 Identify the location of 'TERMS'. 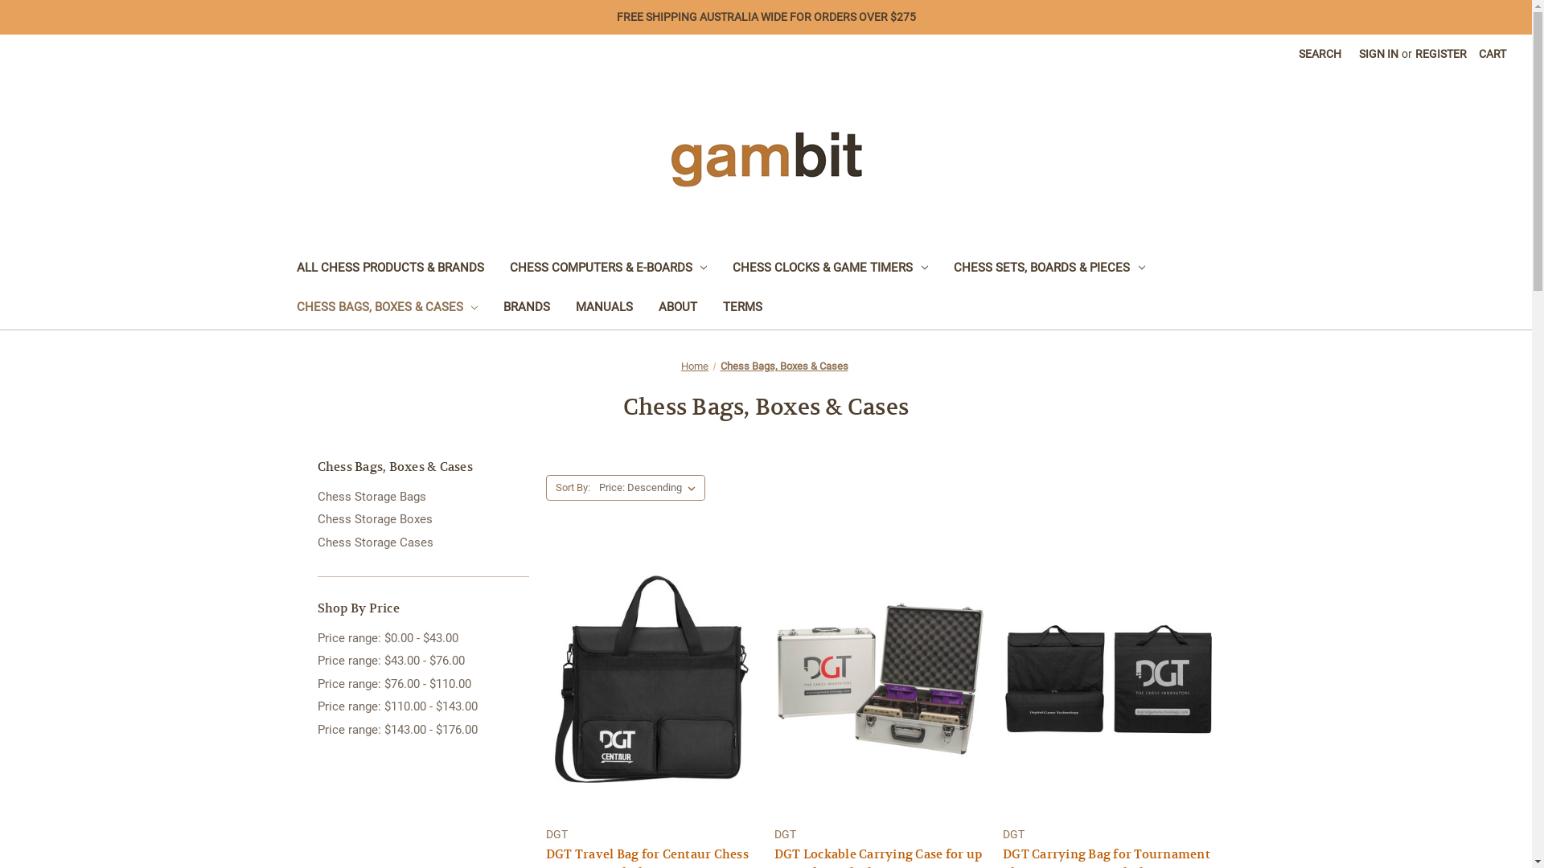
(741, 309).